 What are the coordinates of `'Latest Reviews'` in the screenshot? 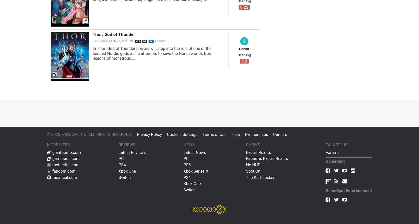 It's located at (132, 152).